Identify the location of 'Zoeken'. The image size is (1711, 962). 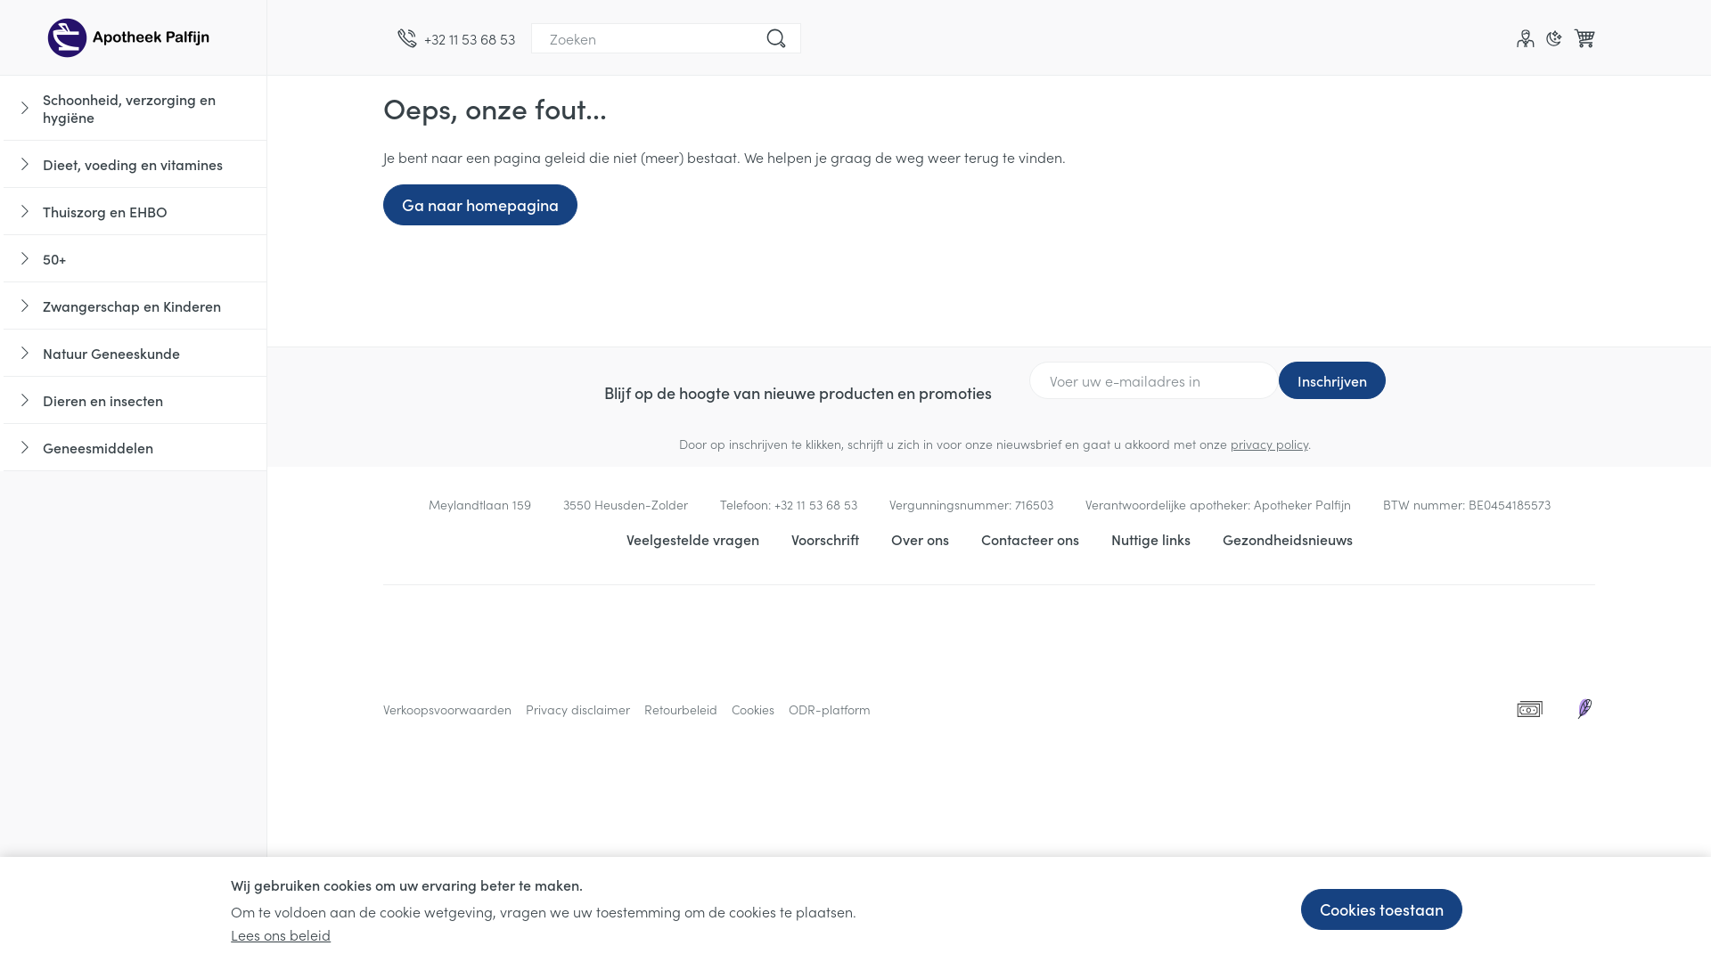
(775, 37).